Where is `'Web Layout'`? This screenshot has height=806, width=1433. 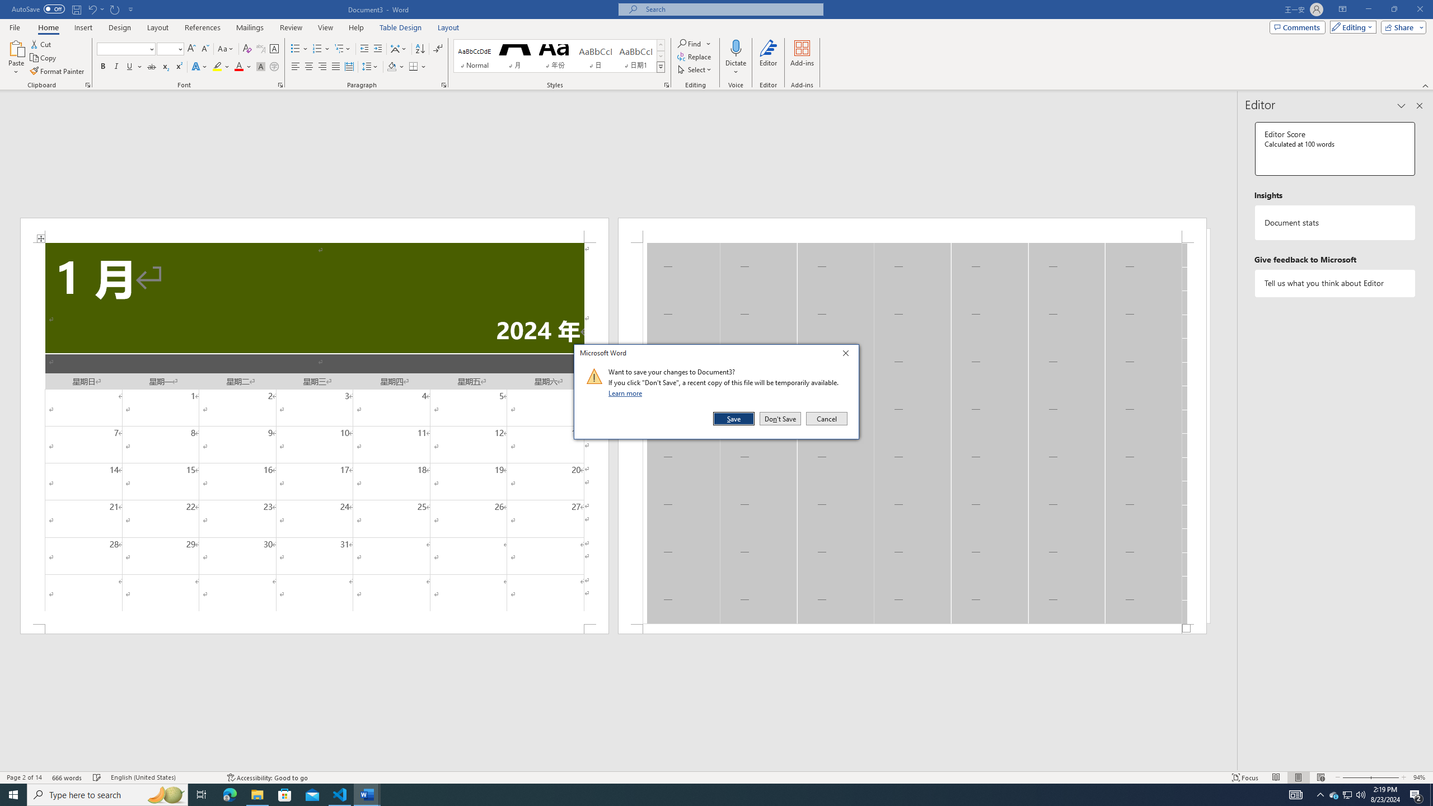
'Web Layout' is located at coordinates (1321, 777).